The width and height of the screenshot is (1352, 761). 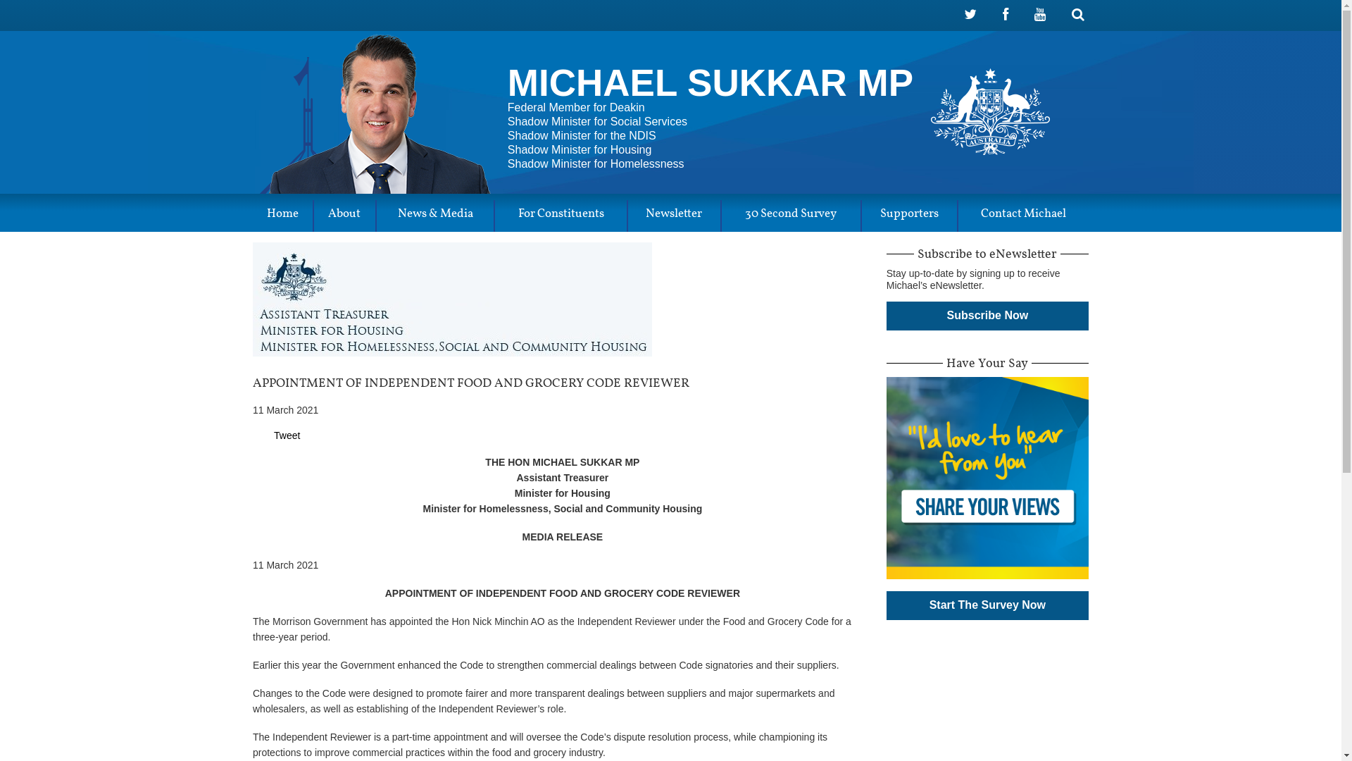 What do you see at coordinates (722, 216) in the screenshot?
I see `'30 Second Survey'` at bounding box center [722, 216].